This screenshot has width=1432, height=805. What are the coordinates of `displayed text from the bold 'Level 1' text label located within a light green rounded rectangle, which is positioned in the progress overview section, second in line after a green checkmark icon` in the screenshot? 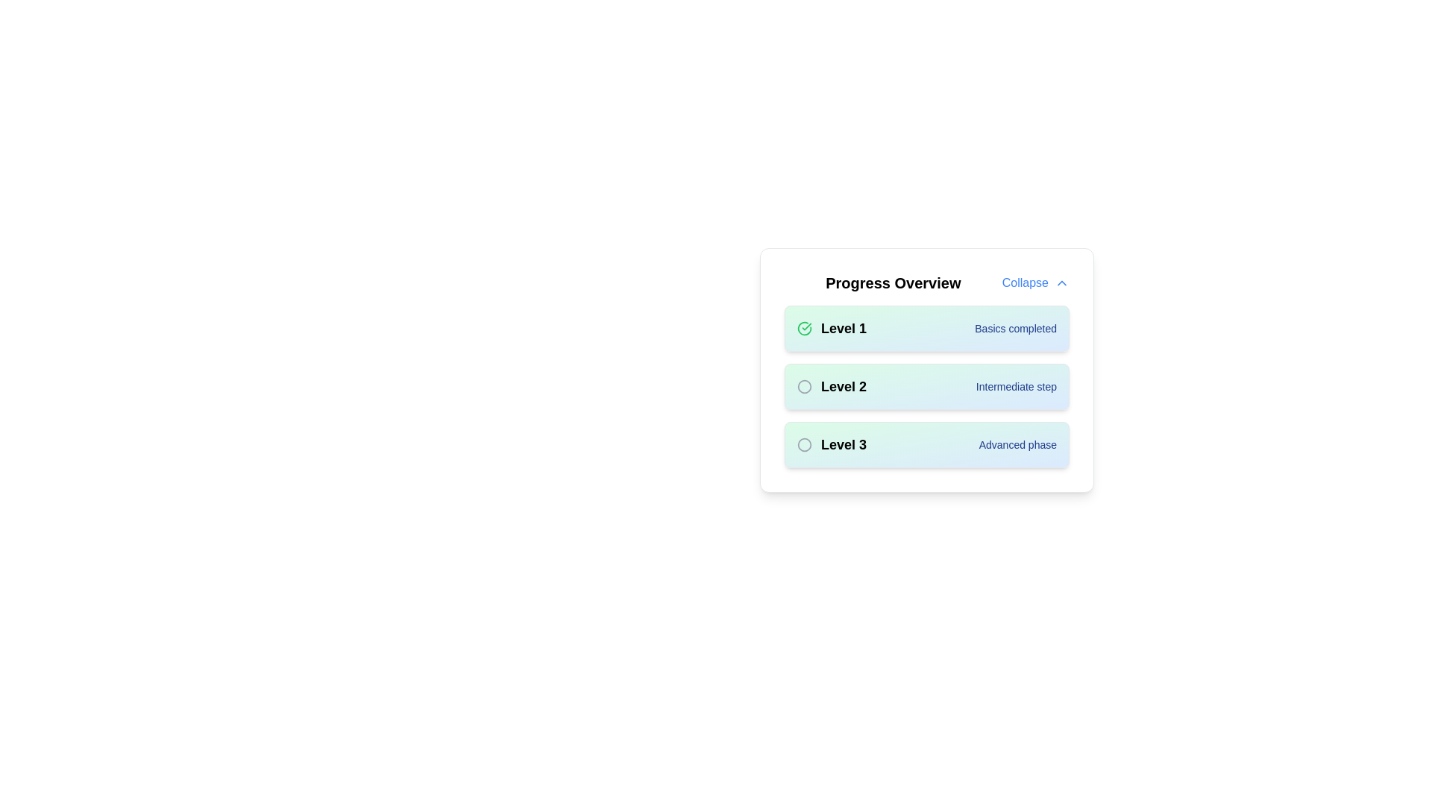 It's located at (844, 327).